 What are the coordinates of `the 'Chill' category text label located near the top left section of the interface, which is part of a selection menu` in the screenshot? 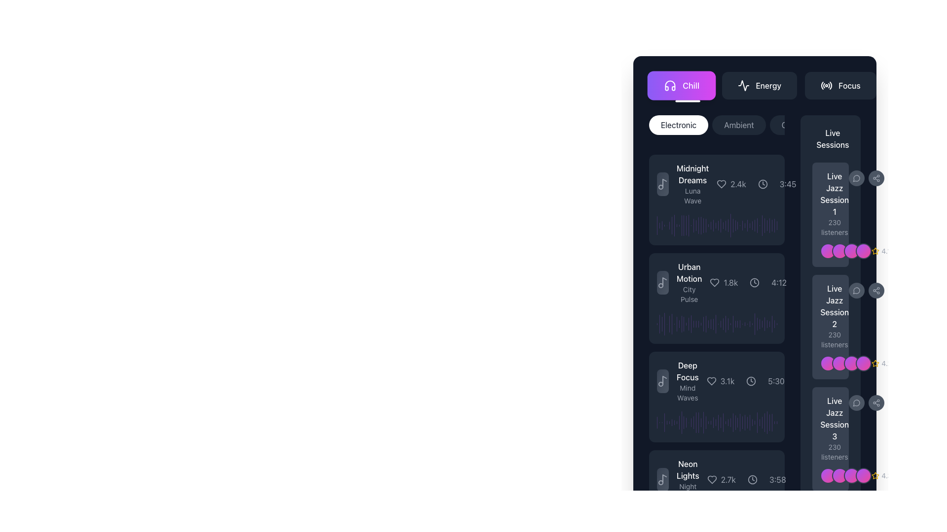 It's located at (691, 85).